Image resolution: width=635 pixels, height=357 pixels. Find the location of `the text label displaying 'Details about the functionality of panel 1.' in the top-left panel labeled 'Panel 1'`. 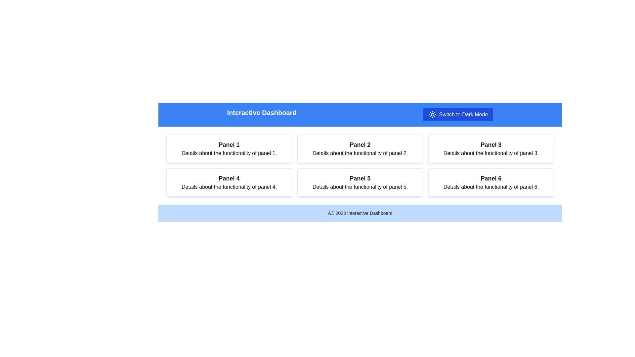

the text label displaying 'Details about the functionality of panel 1.' in the top-left panel labeled 'Panel 1' is located at coordinates (229, 153).